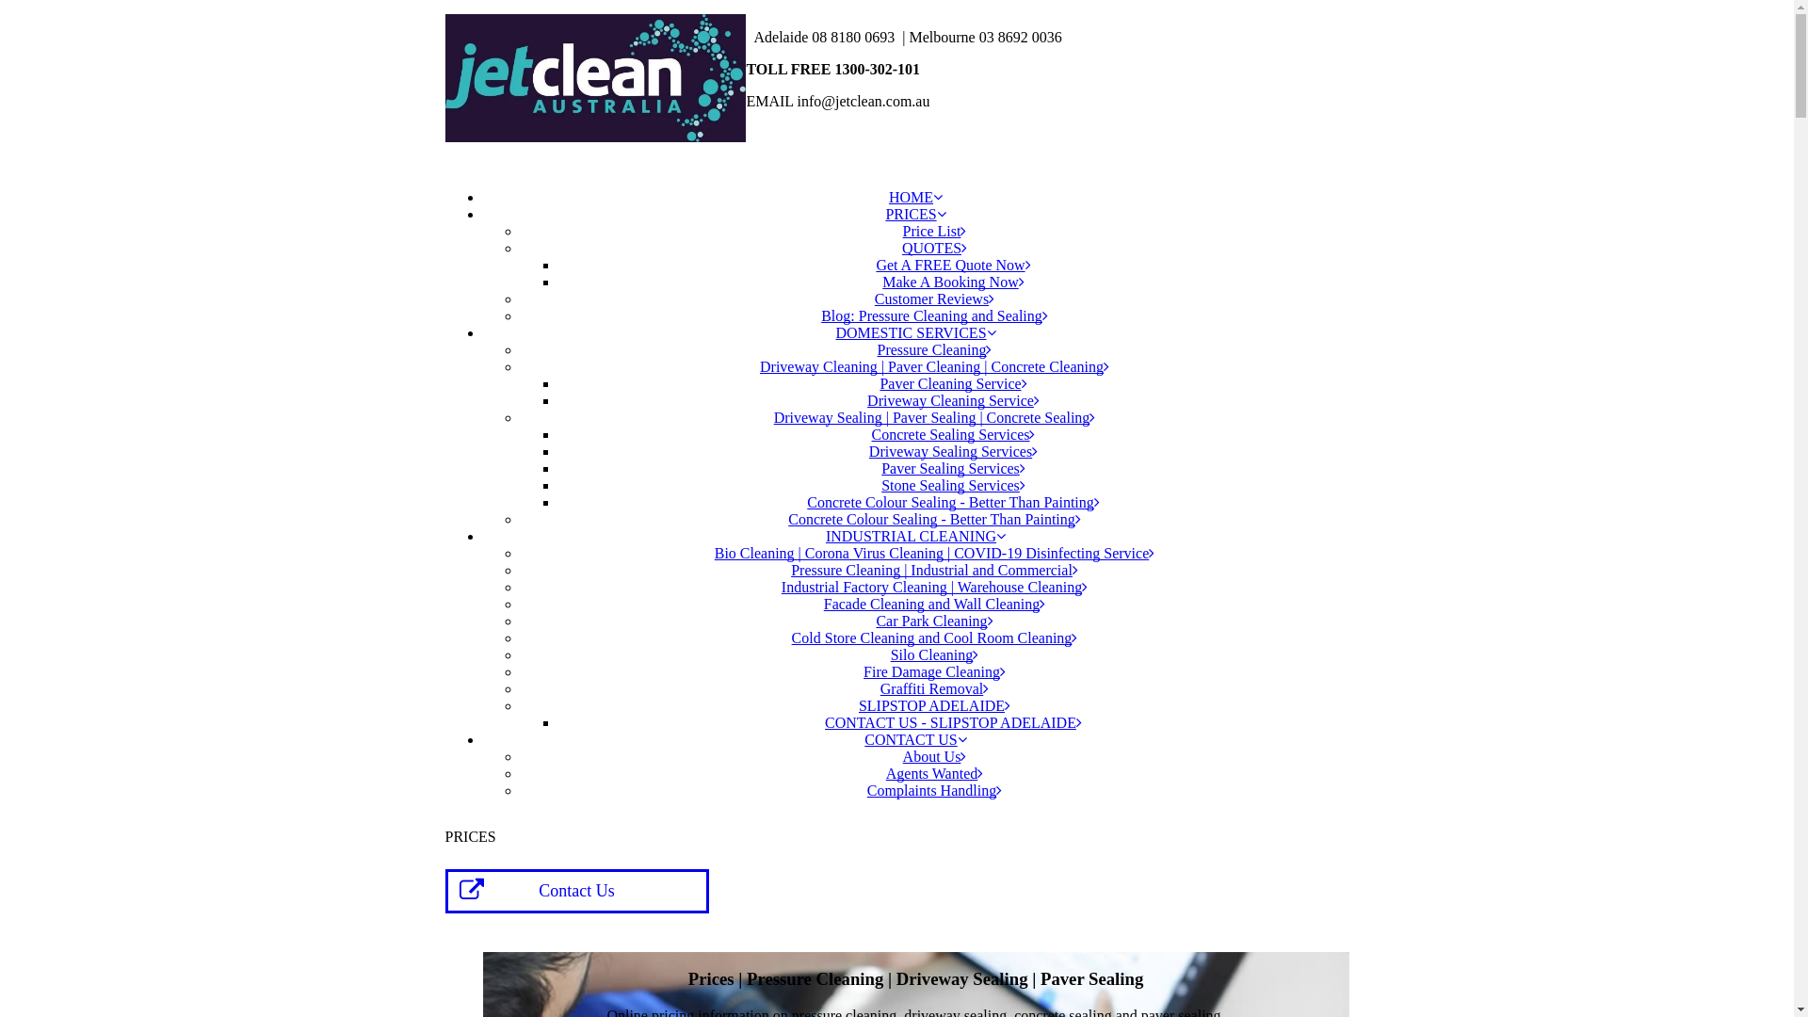 The height and width of the screenshot is (1017, 1808). I want to click on 'Concrete Colour Sealing - Better Than Painting', so click(953, 501).